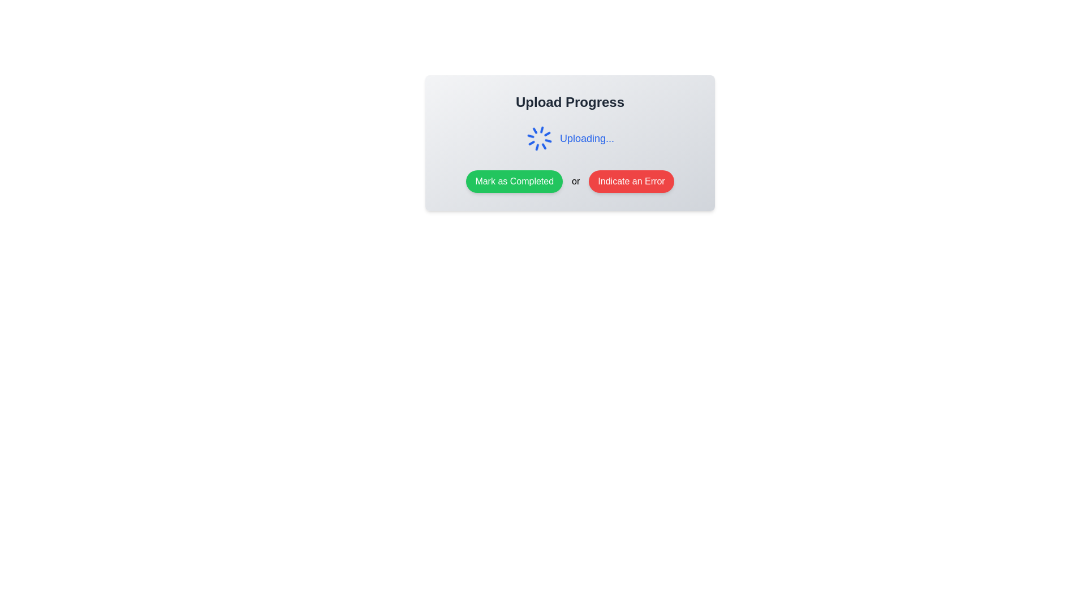  What do you see at coordinates (576, 180) in the screenshot?
I see `the Text label that visually separates the 'Mark as Completed' and 'Indicate an Error' buttons, located beneath the 'Upload Progress' header` at bounding box center [576, 180].